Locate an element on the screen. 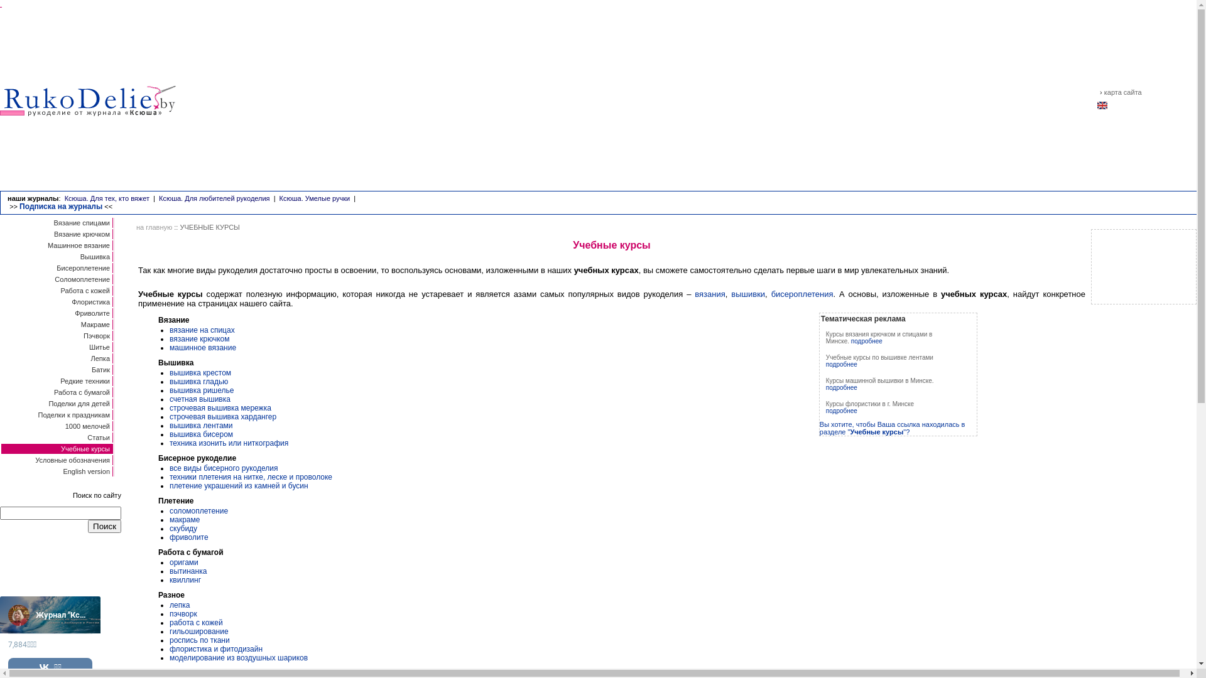  'english' is located at coordinates (1102, 109).